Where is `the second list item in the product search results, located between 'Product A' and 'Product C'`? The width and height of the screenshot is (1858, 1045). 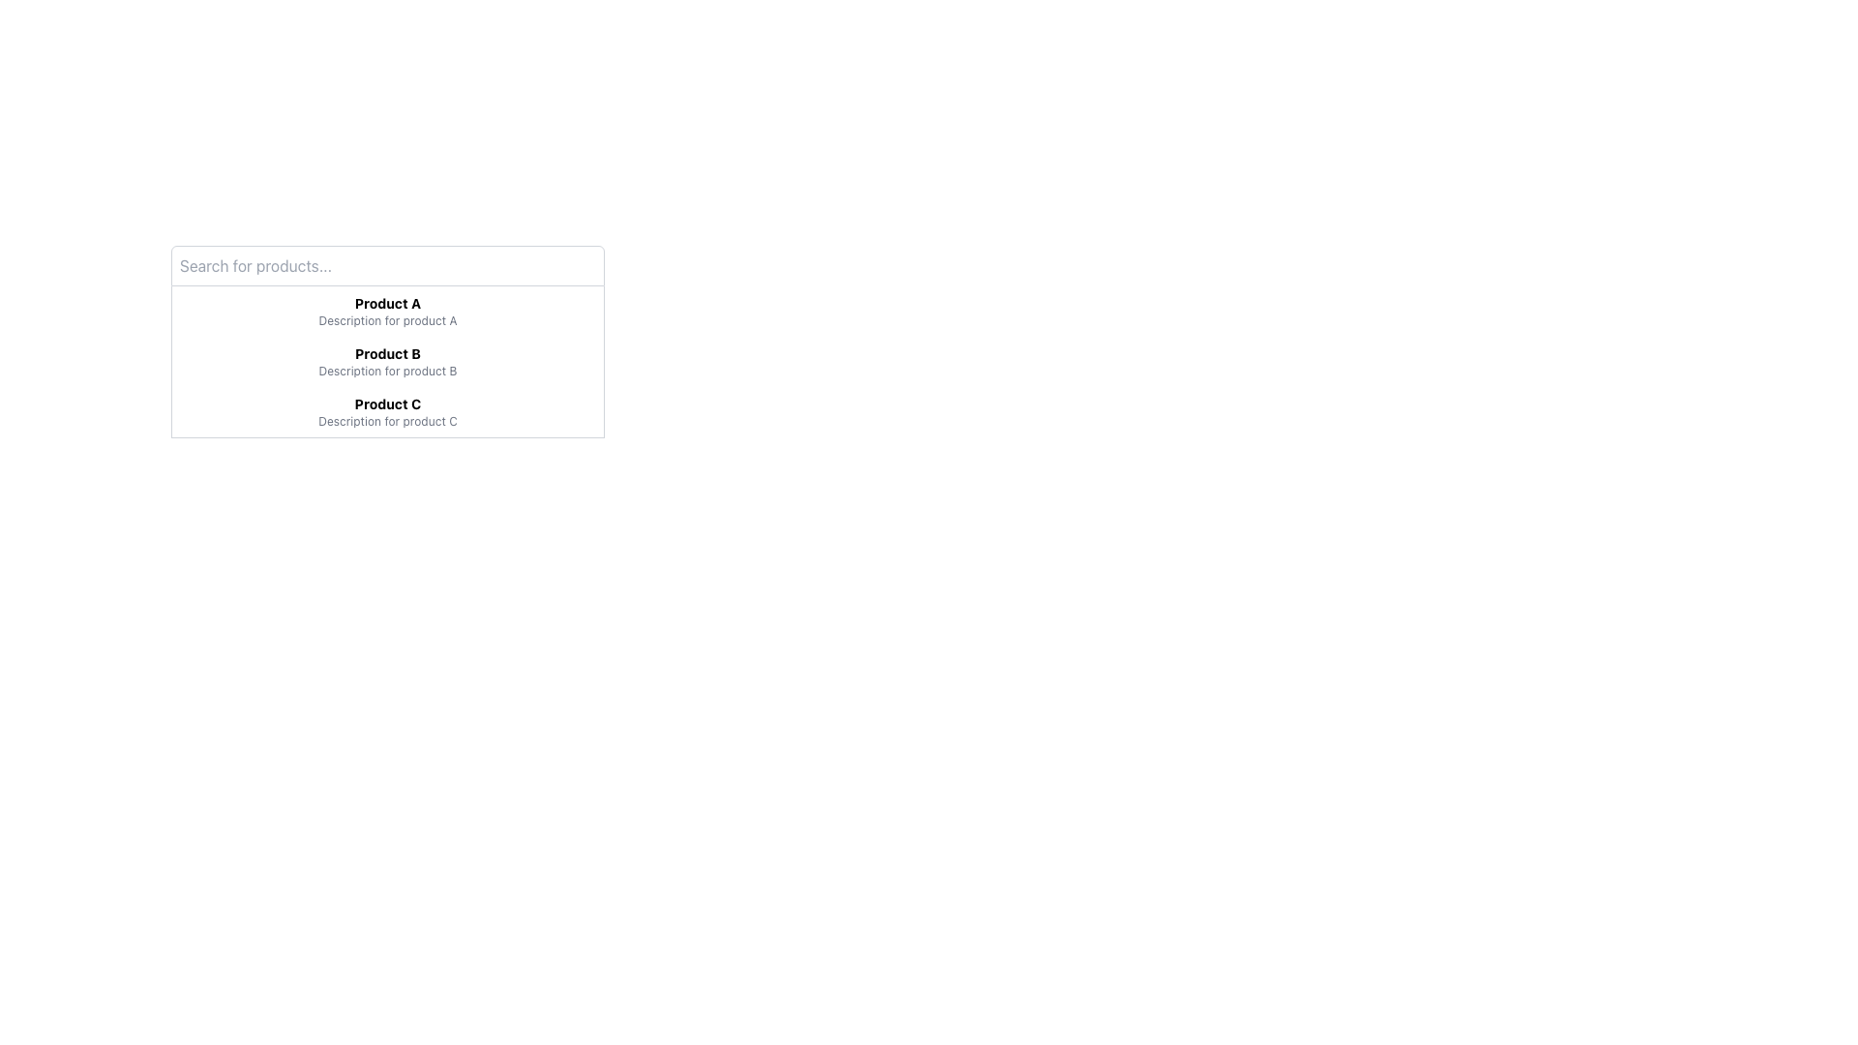
the second list item in the product search results, located between 'Product A' and 'Product C' is located at coordinates (387, 362).